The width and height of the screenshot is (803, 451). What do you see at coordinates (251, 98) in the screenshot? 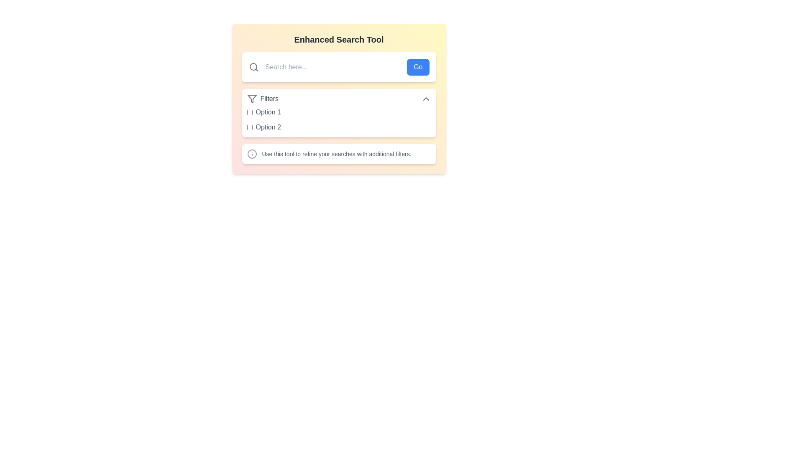
I see `the Decorative Icon located in the 'Filters' section, which visually indicates filtering options` at bounding box center [251, 98].